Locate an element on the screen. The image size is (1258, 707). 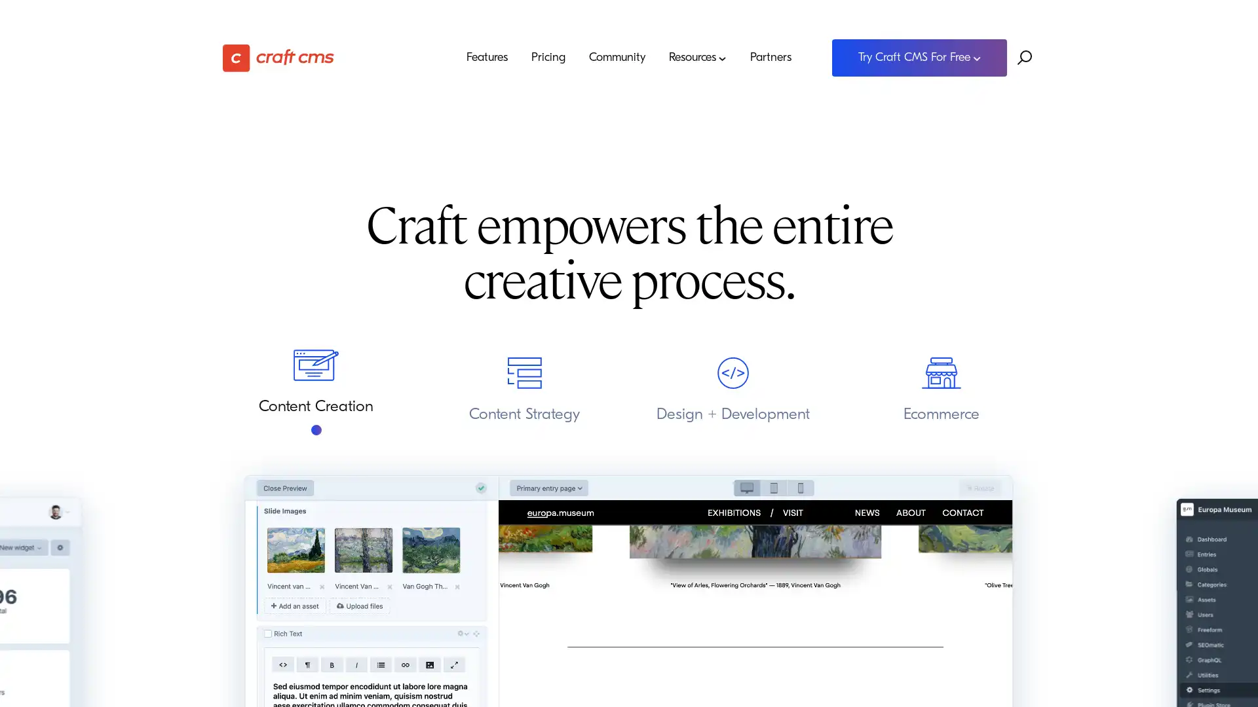
Try Craft CMS For Free is located at coordinates (919, 57).